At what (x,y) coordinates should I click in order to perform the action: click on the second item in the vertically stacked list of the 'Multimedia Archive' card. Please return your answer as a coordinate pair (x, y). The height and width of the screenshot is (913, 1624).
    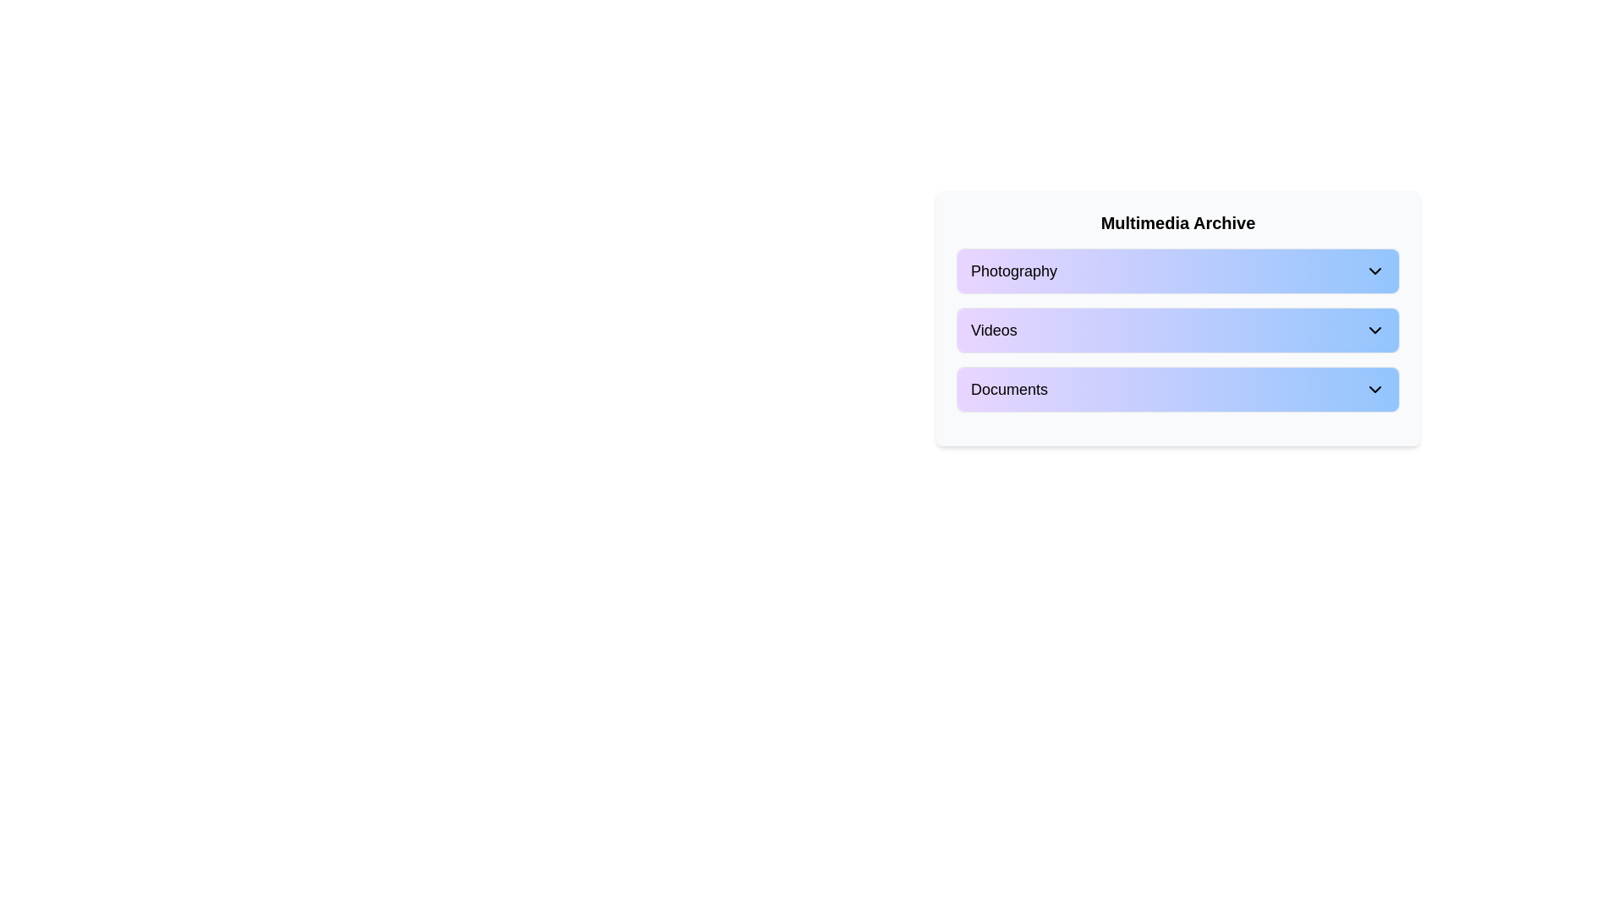
    Looking at the image, I should click on (1177, 321).